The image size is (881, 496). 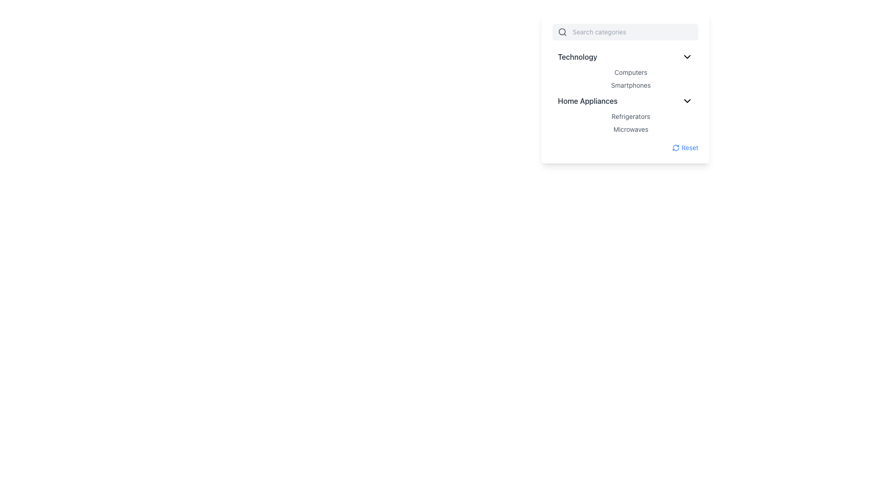 What do you see at coordinates (625, 88) in the screenshot?
I see `the text label displaying 'Smartphones' within the expanded 'Technology' dropdown interface` at bounding box center [625, 88].